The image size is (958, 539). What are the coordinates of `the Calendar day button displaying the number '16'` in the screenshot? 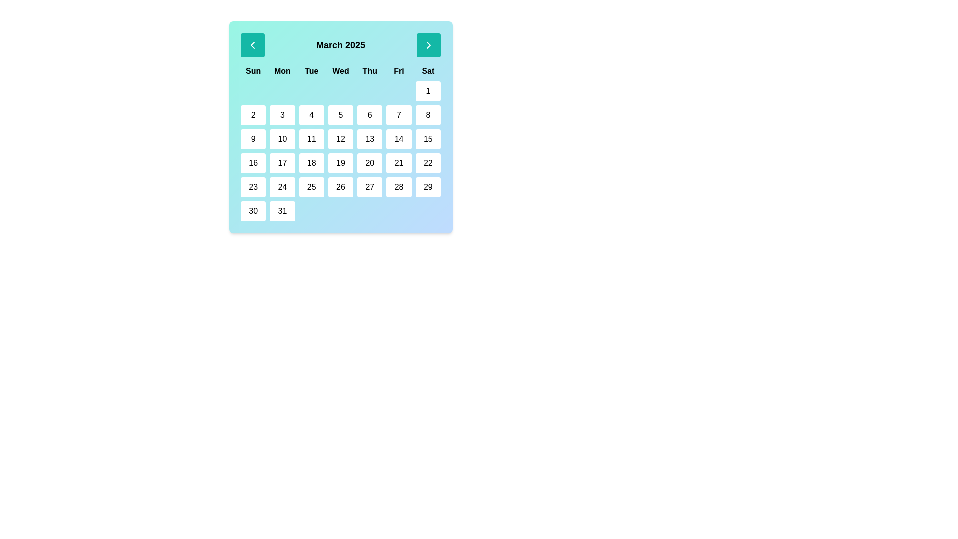 It's located at (253, 163).